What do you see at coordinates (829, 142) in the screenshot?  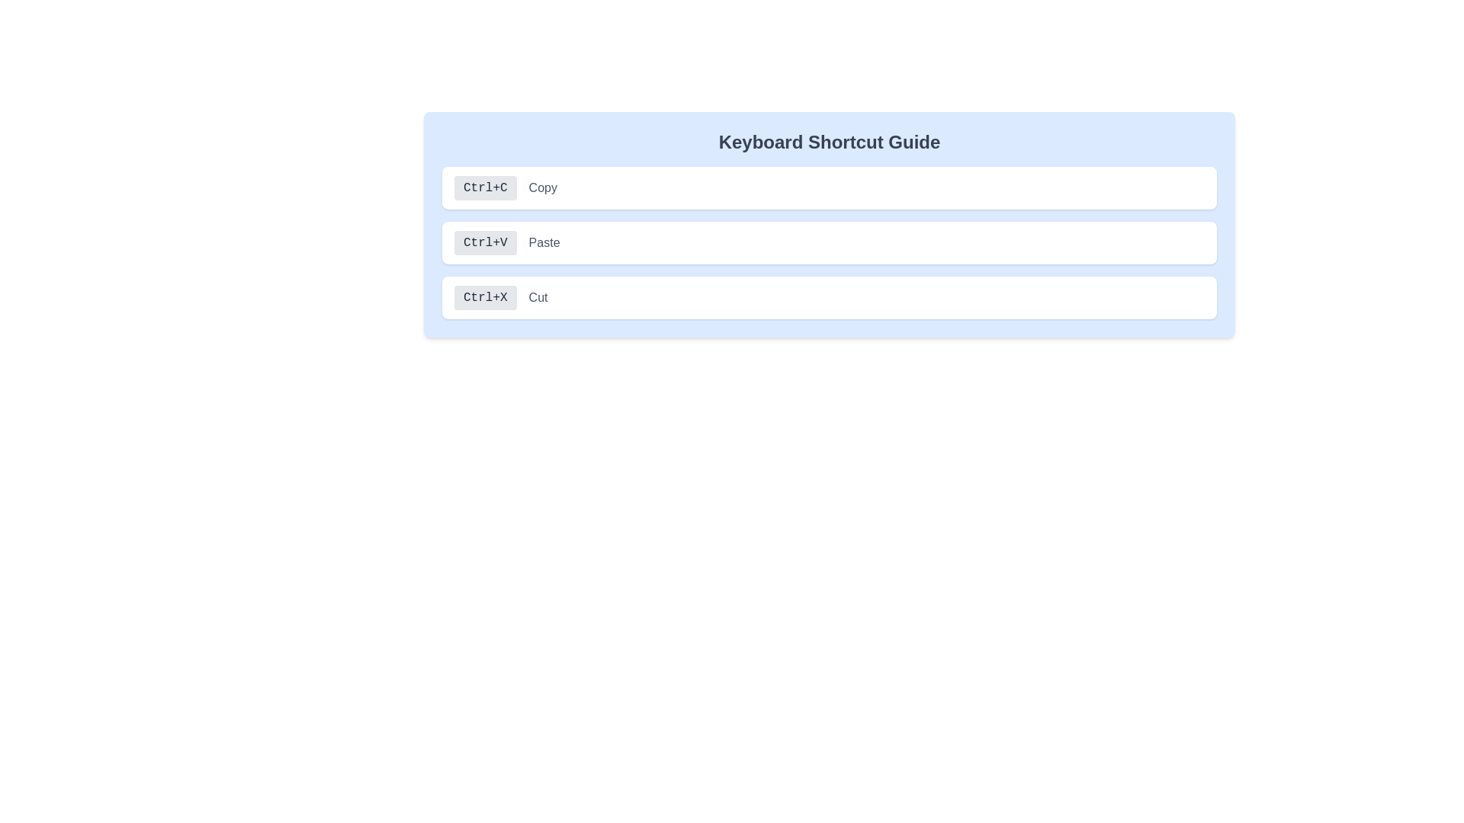 I see `the Text heading that indicates the topic of the keyboard shortcuts guide, positioned at the top of the highlighted box` at bounding box center [829, 142].